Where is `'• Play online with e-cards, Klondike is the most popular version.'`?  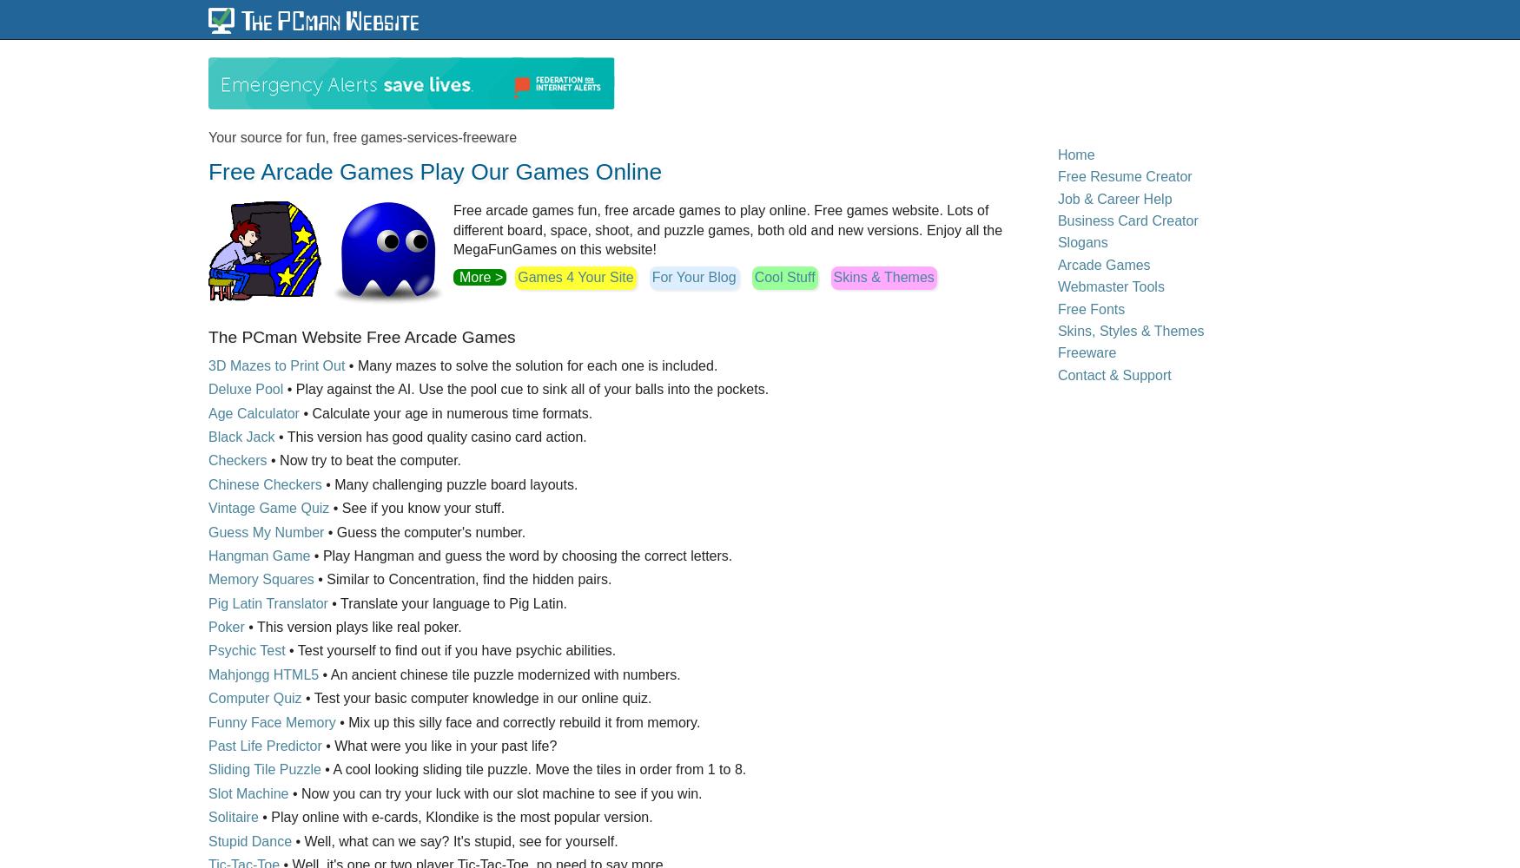
'• Play online with e-cards, Klondike is the most popular version.' is located at coordinates (453, 816).